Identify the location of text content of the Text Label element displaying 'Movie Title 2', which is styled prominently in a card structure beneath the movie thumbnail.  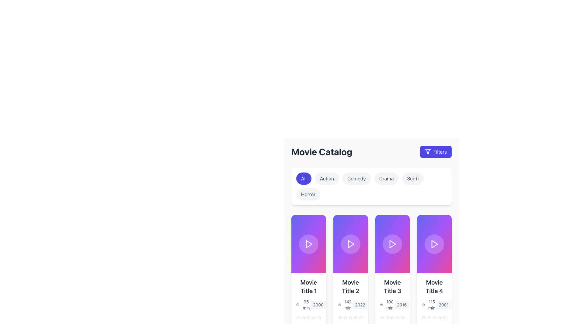
(350, 287).